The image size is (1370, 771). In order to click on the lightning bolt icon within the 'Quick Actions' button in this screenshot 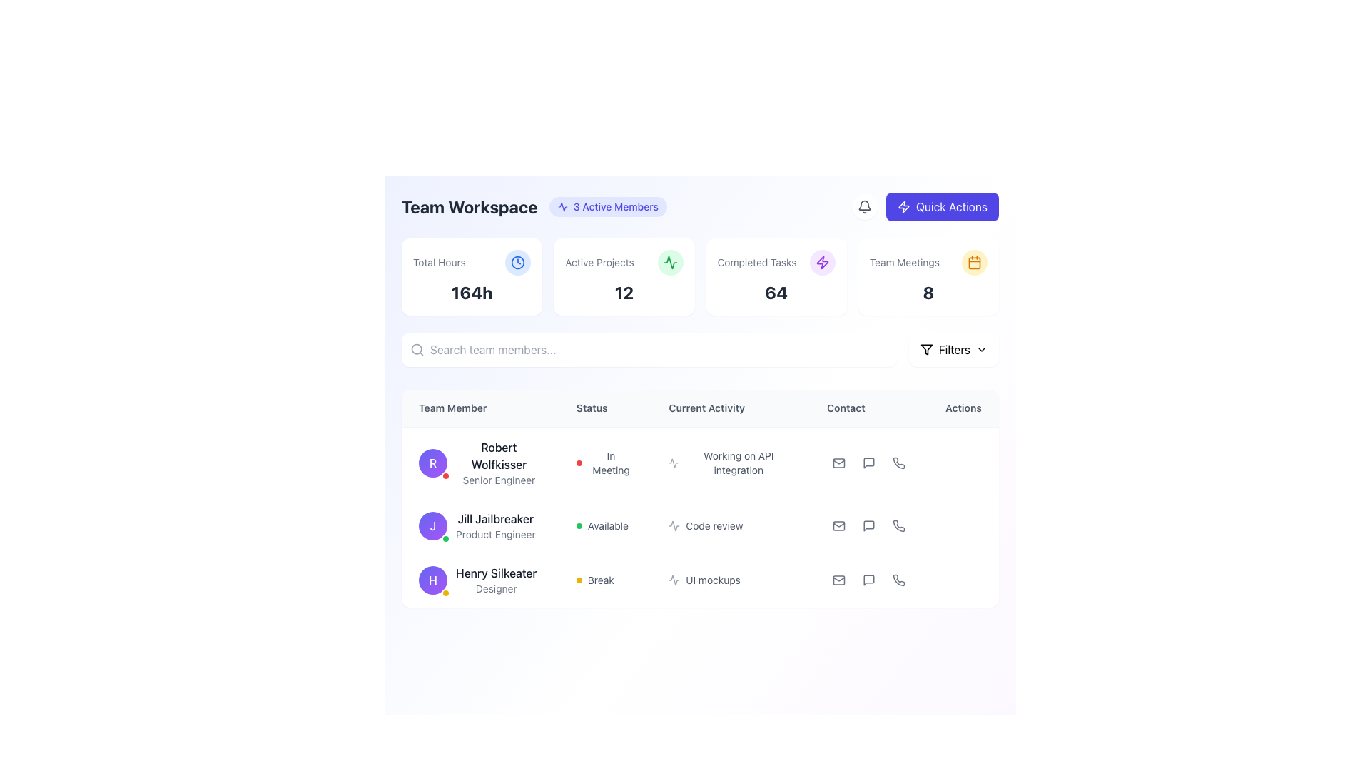, I will do `click(903, 206)`.